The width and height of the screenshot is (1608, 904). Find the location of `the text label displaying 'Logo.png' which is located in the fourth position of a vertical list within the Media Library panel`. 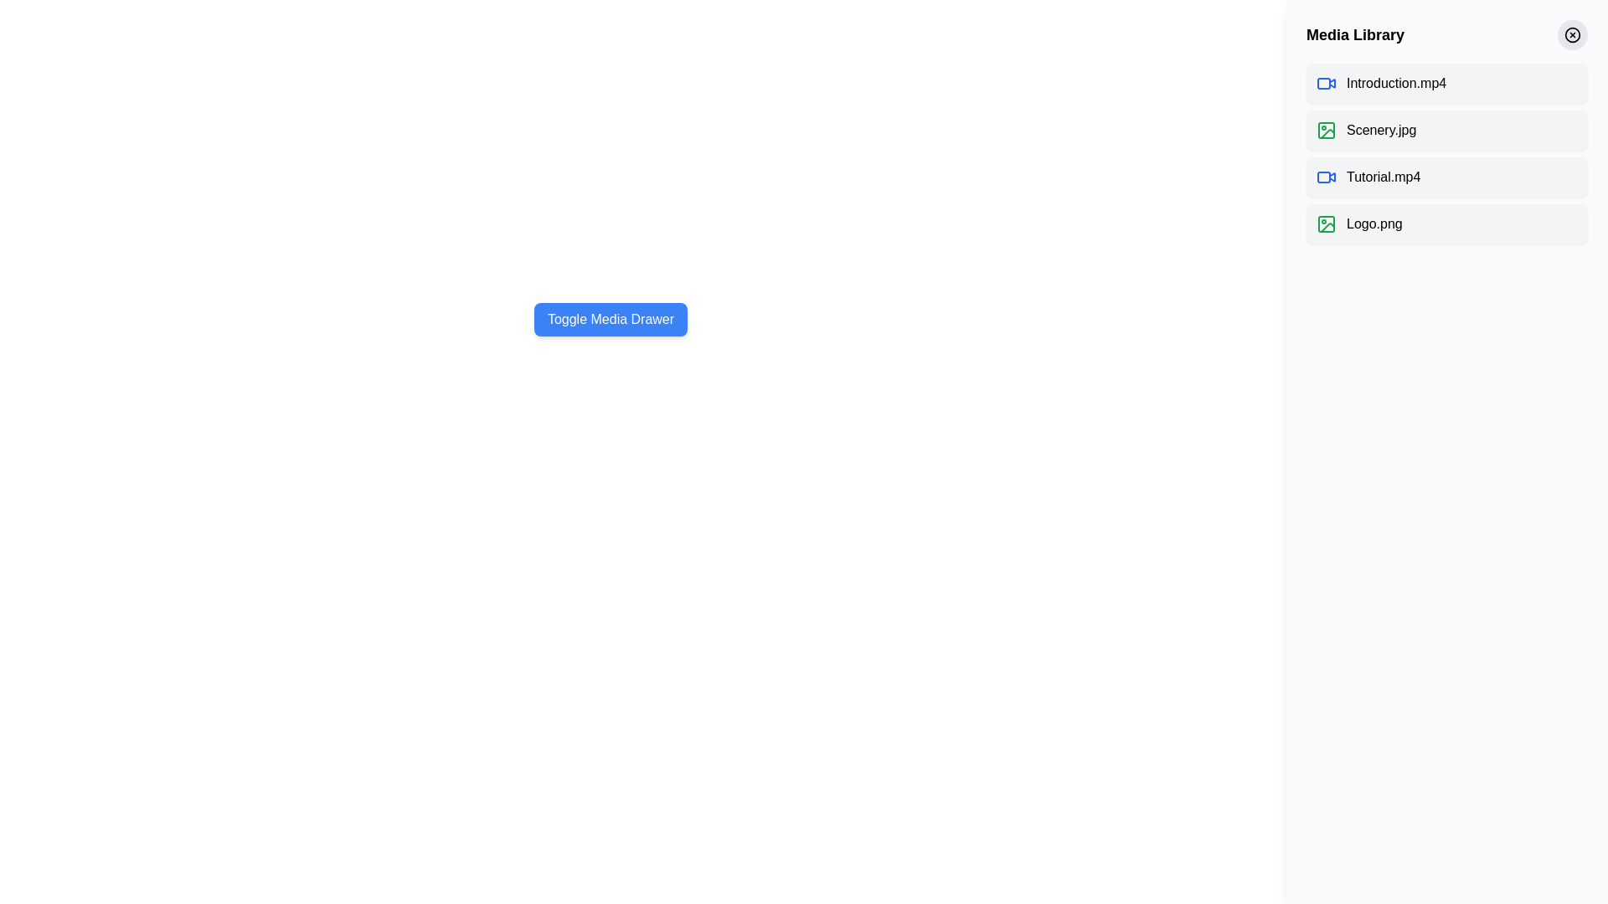

the text label displaying 'Logo.png' which is located in the fourth position of a vertical list within the Media Library panel is located at coordinates (1374, 223).